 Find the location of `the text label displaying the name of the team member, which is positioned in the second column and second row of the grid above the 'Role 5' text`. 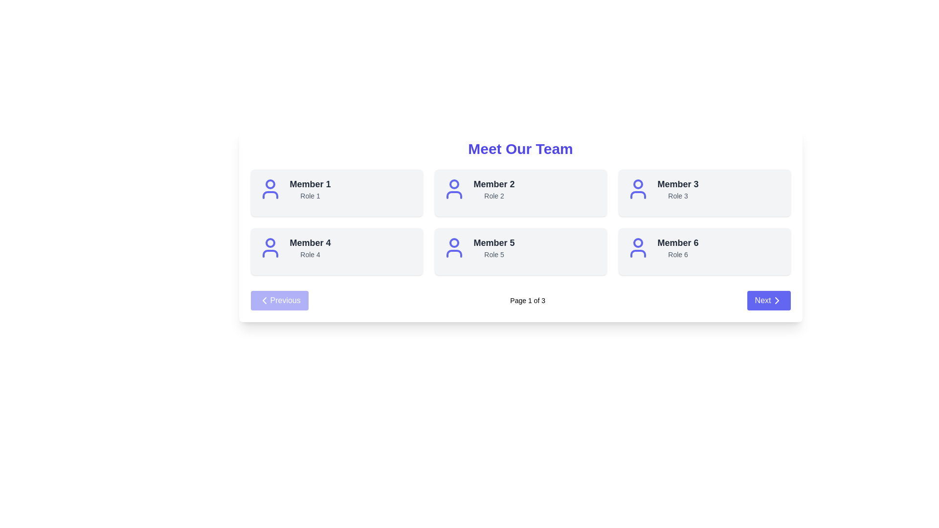

the text label displaying the name of the team member, which is positioned in the second column and second row of the grid above the 'Role 5' text is located at coordinates (494, 242).